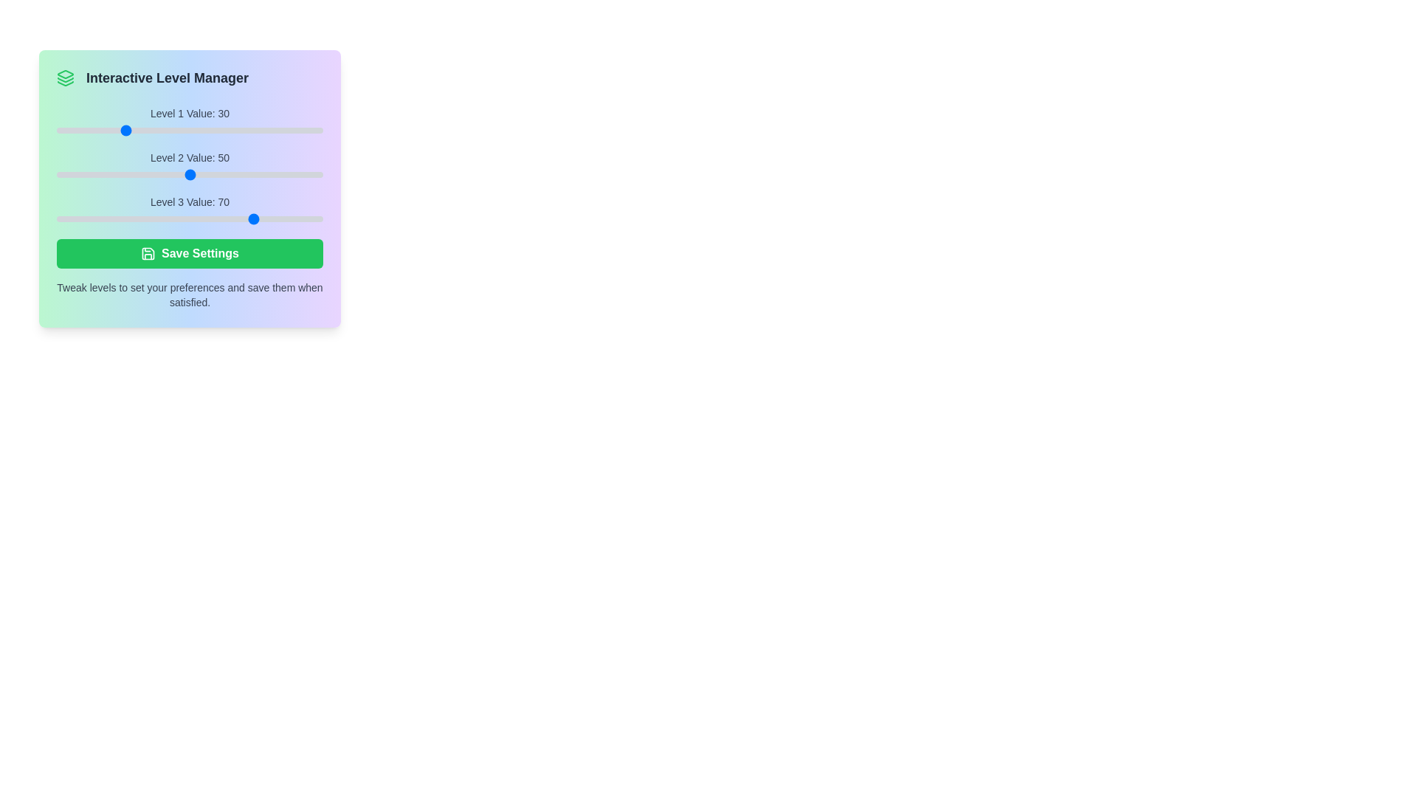  I want to click on the Level 3 value, so click(116, 219).